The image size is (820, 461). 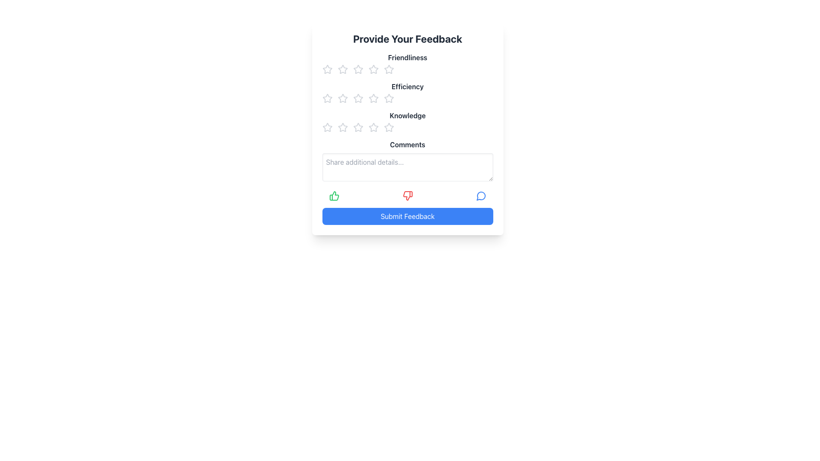 What do you see at coordinates (388, 69) in the screenshot?
I see `the second star icon in the first row of the 'Friendliness' rating section` at bounding box center [388, 69].